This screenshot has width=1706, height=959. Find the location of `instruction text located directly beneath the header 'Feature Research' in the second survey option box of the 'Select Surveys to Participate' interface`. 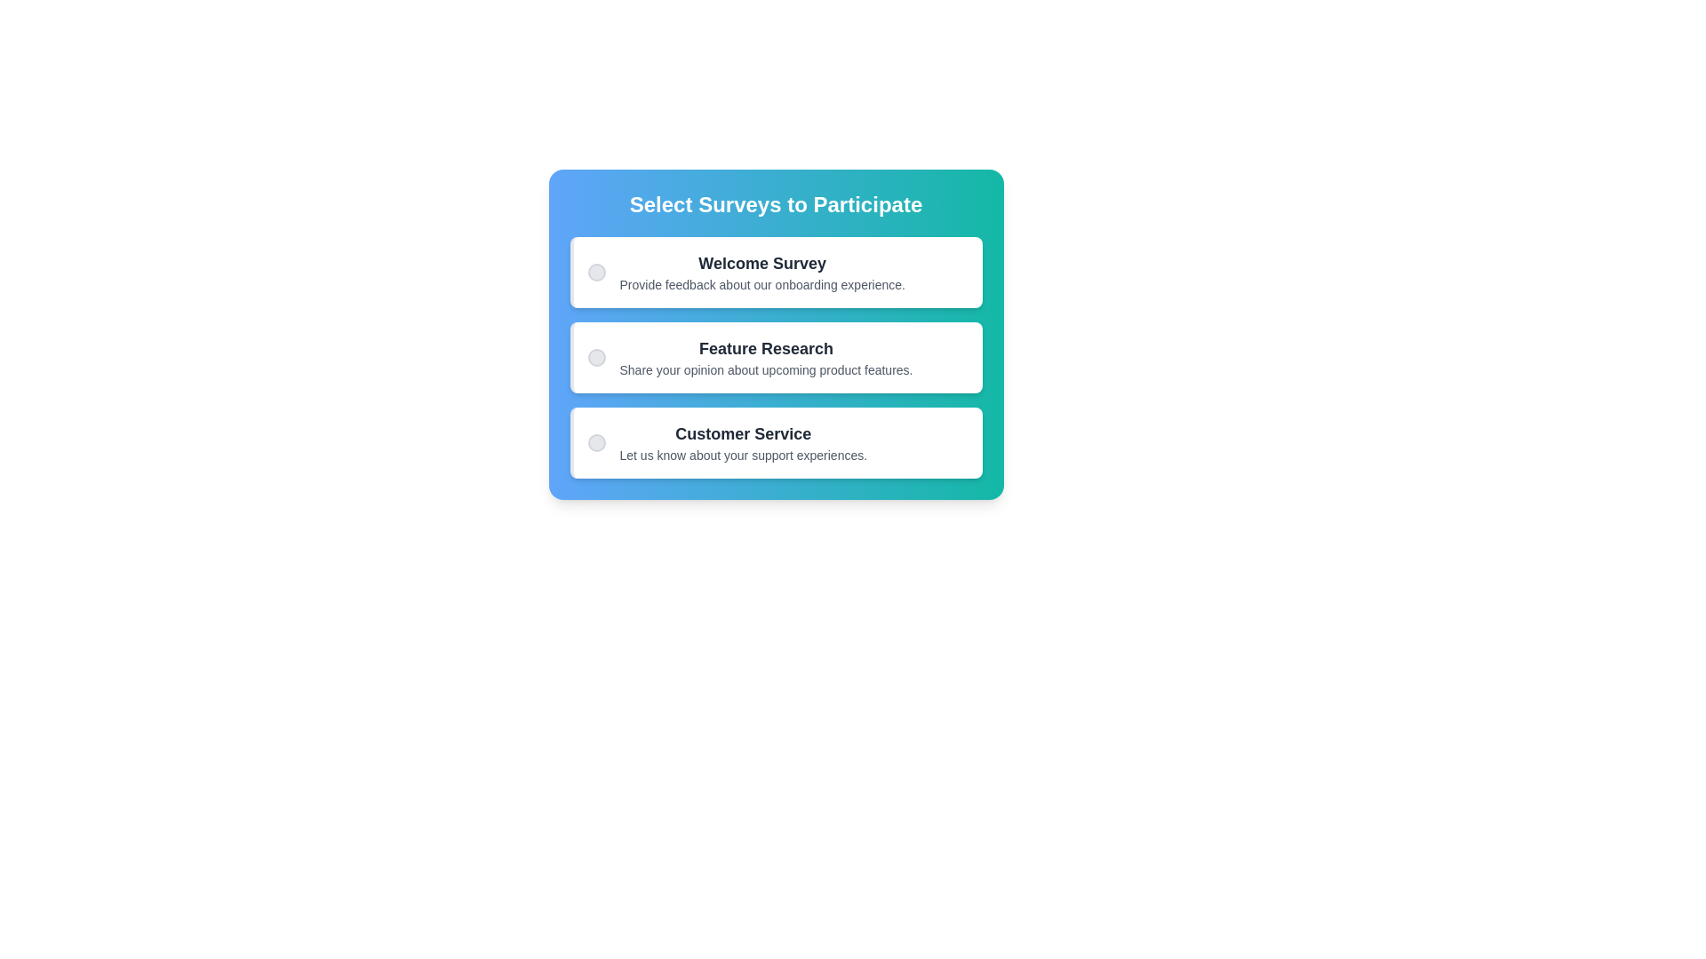

instruction text located directly beneath the header 'Feature Research' in the second survey option box of the 'Select Surveys to Participate' interface is located at coordinates (766, 369).